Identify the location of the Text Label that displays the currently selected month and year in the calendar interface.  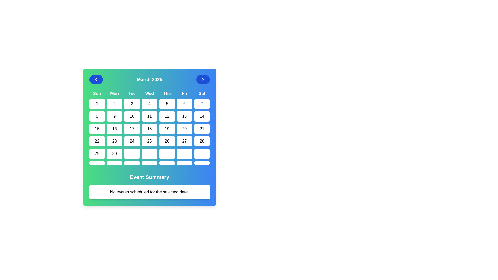
(149, 80).